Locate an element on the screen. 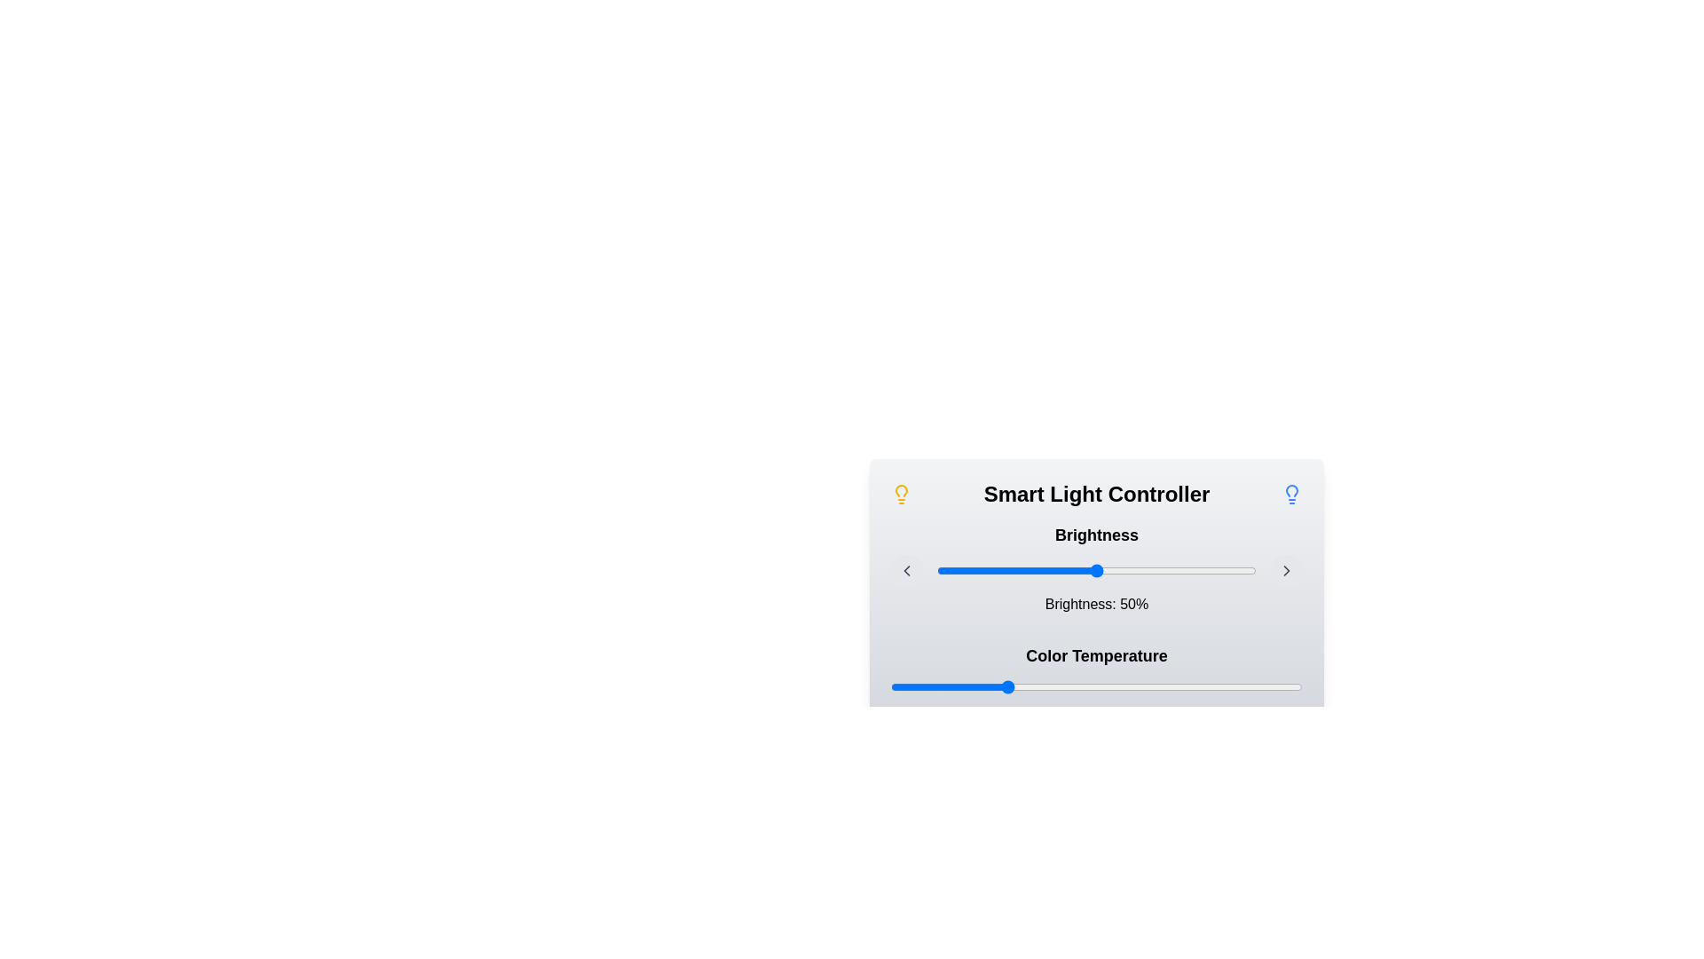 The width and height of the screenshot is (1704, 959). the brightness is located at coordinates (1189, 571).